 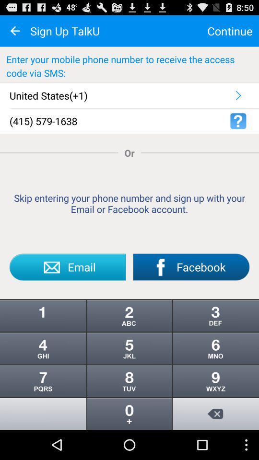 I want to click on the more icon, so click(x=129, y=372).